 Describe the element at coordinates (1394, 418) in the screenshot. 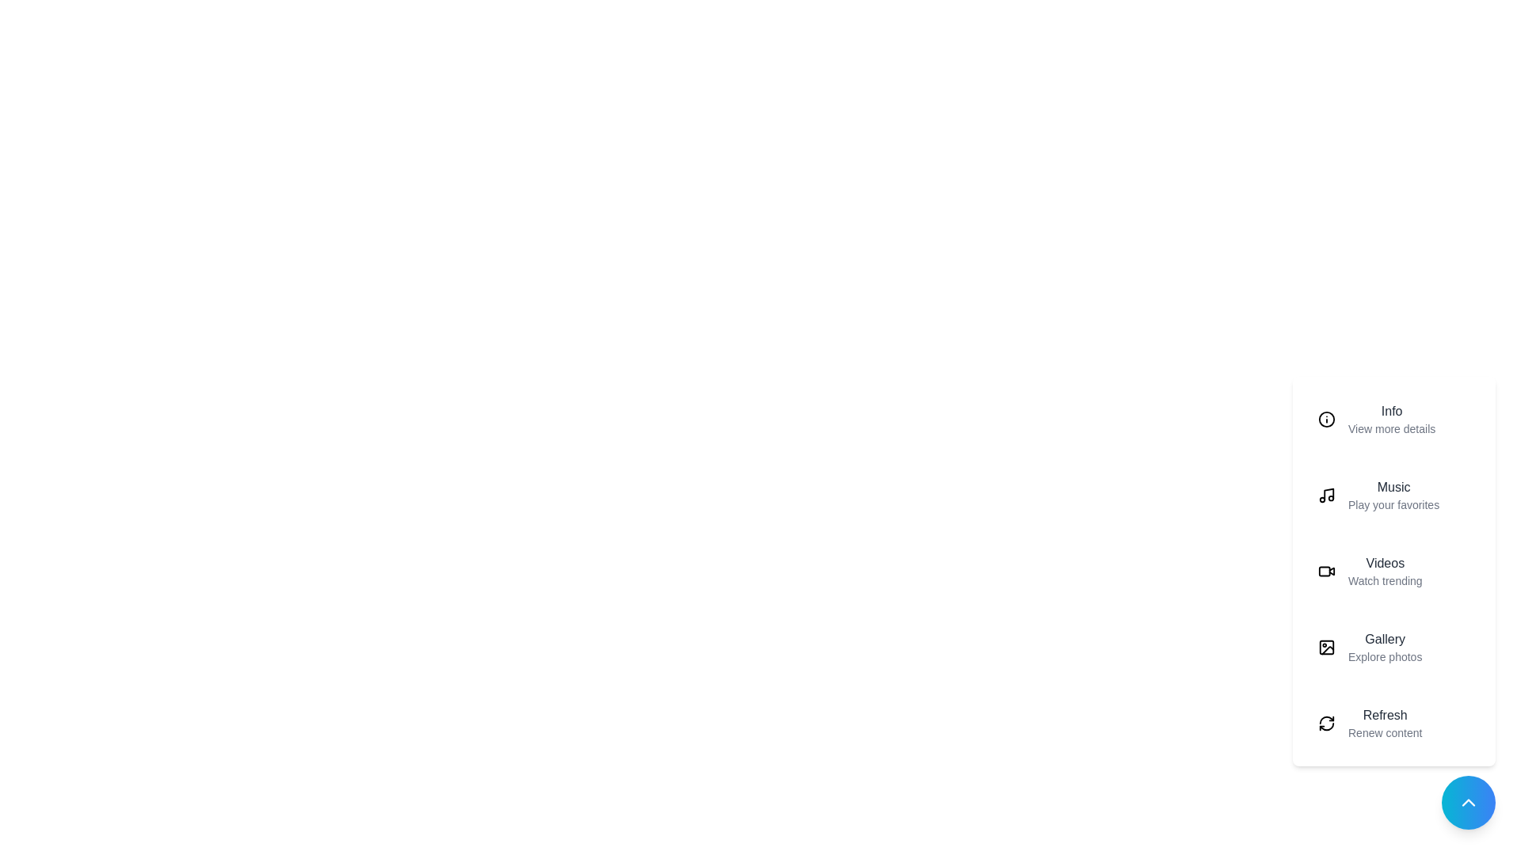

I see `the 'Info' item to view more details` at that location.